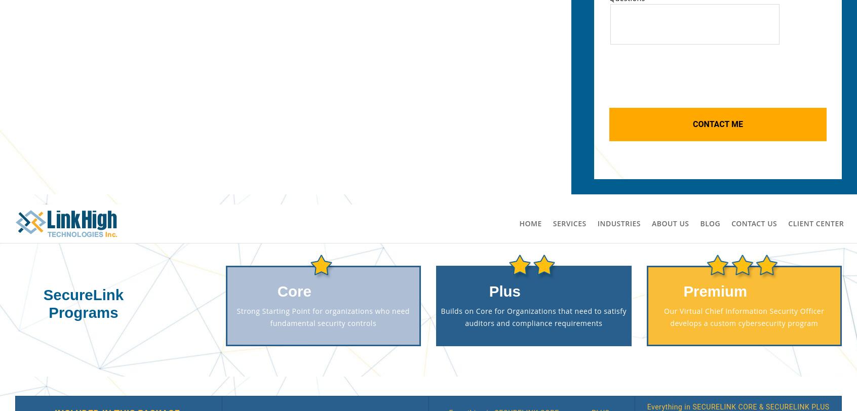 This screenshot has height=411, width=857. Describe the element at coordinates (147, 162) in the screenshot. I see `'VULNERABILITY MANAGEMENT'` at that location.